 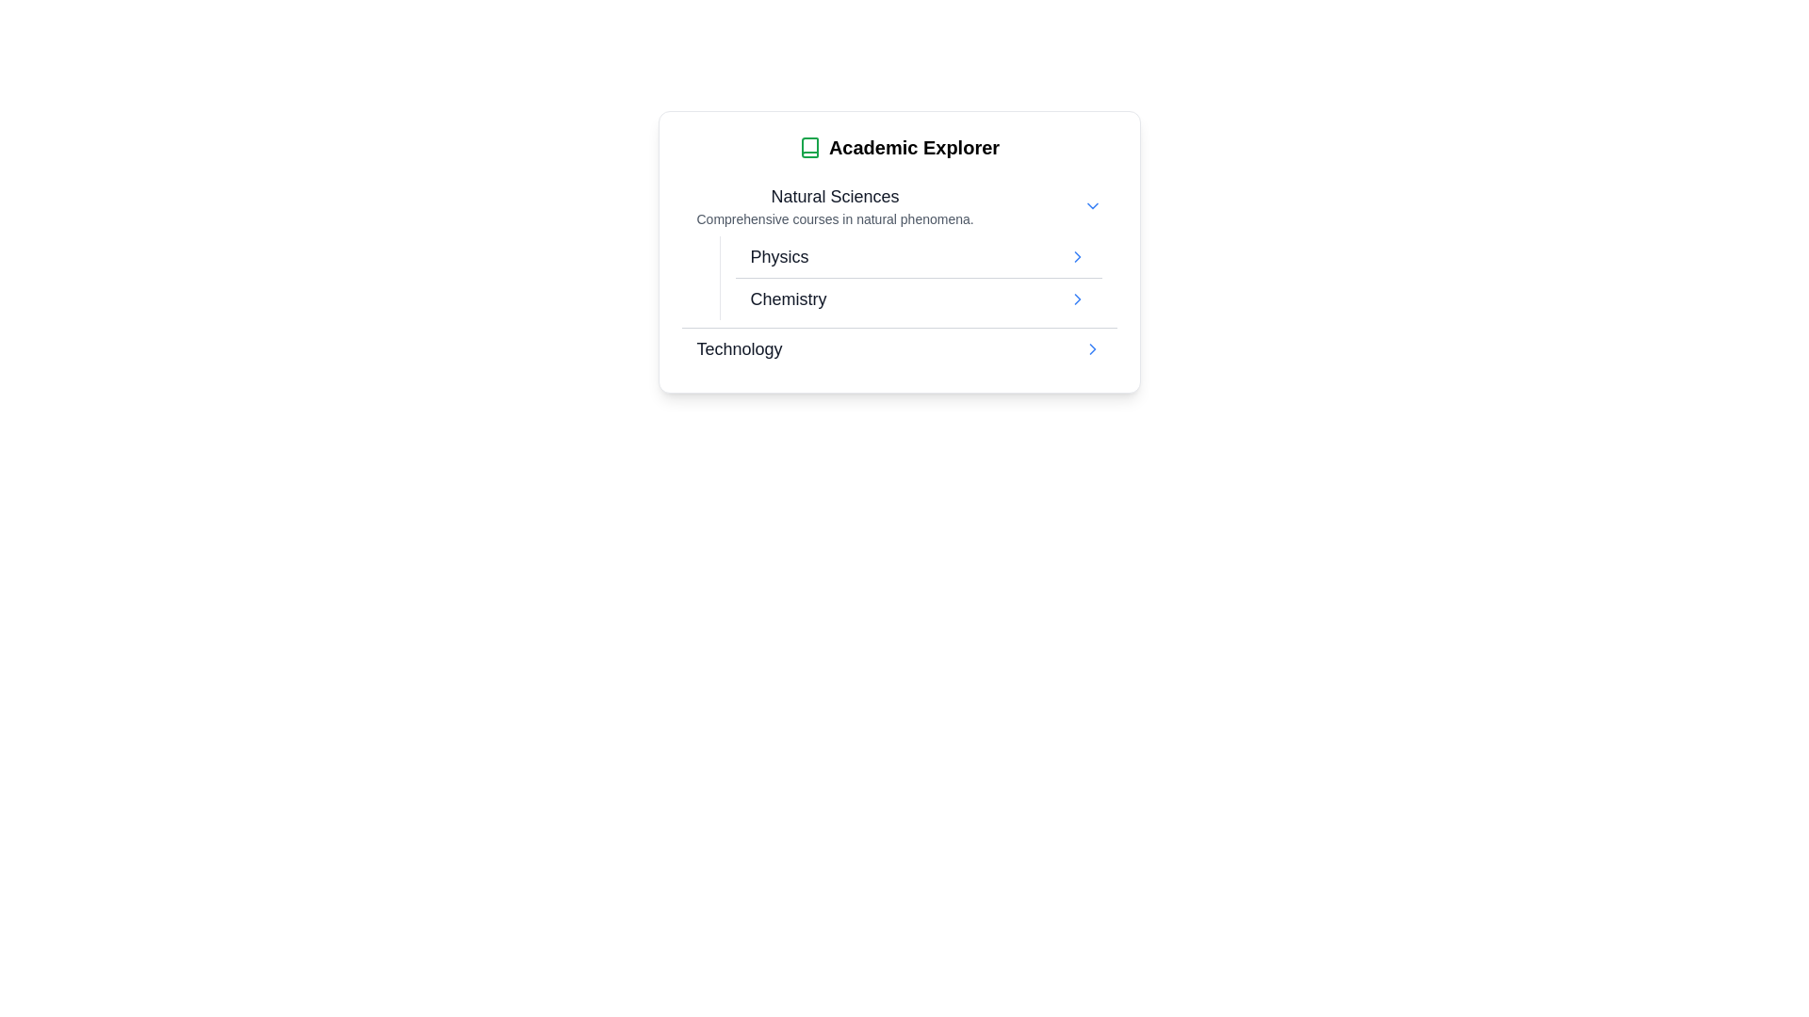 I want to click on the Chemistry text label, which serves as a navigation link or category descriptor within the 'Academic Explorer' card, positioned beneath 'Natural Sciences', so click(x=788, y=298).